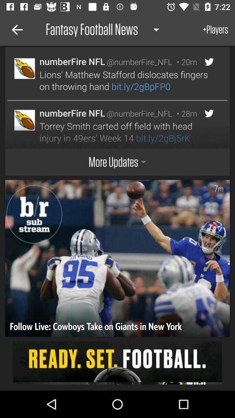 This screenshot has height=418, width=235. Describe the element at coordinates (184, 113) in the screenshot. I see `the icon next to @numberfire_nfl item` at that location.